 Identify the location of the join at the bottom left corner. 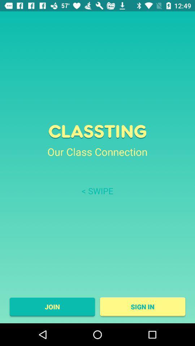
(52, 306).